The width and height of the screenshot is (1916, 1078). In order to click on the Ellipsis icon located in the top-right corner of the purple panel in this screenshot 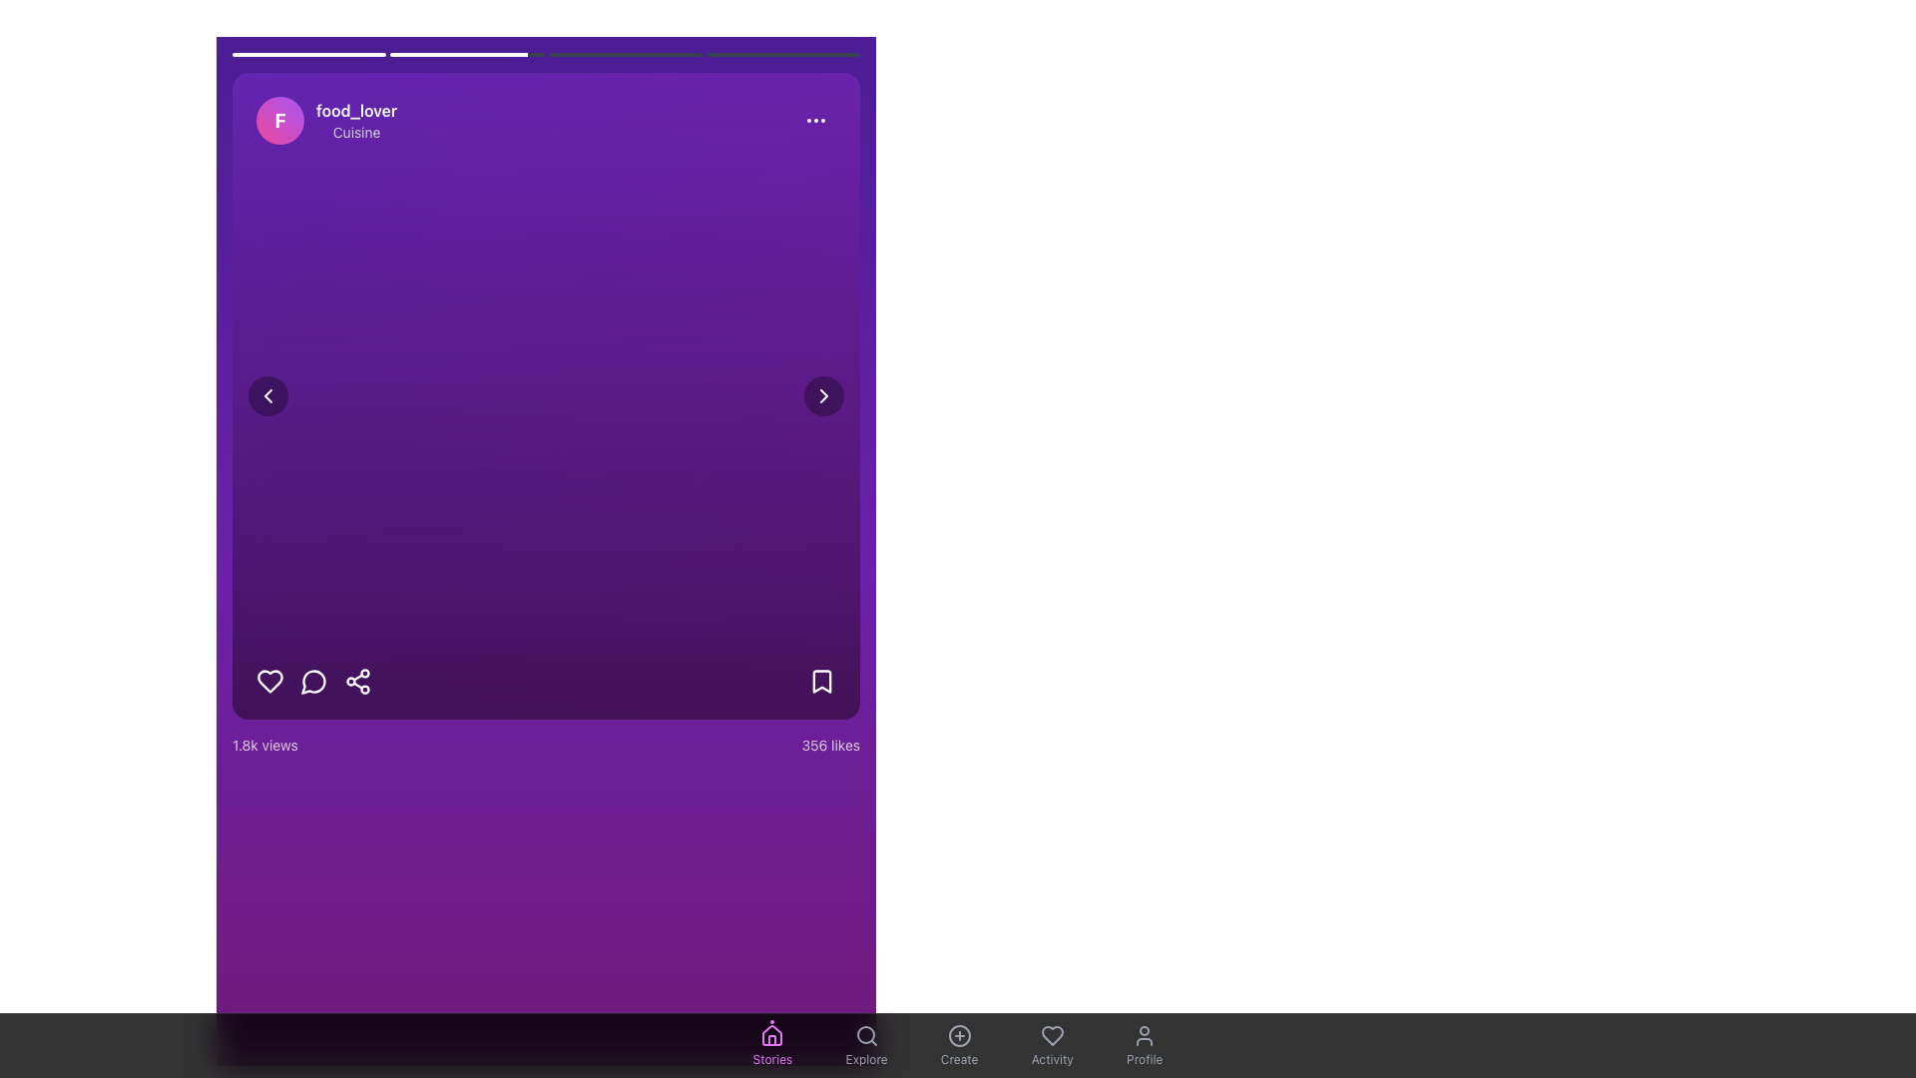, I will do `click(815, 120)`.